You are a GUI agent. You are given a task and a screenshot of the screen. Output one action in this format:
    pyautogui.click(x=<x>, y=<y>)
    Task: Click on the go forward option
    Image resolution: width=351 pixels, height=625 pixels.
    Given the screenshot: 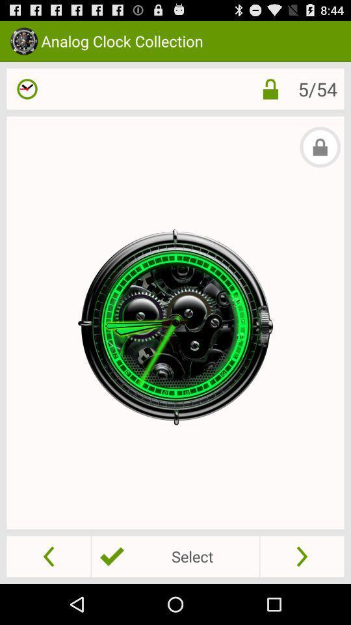 What is the action you would take?
    pyautogui.click(x=302, y=555)
    